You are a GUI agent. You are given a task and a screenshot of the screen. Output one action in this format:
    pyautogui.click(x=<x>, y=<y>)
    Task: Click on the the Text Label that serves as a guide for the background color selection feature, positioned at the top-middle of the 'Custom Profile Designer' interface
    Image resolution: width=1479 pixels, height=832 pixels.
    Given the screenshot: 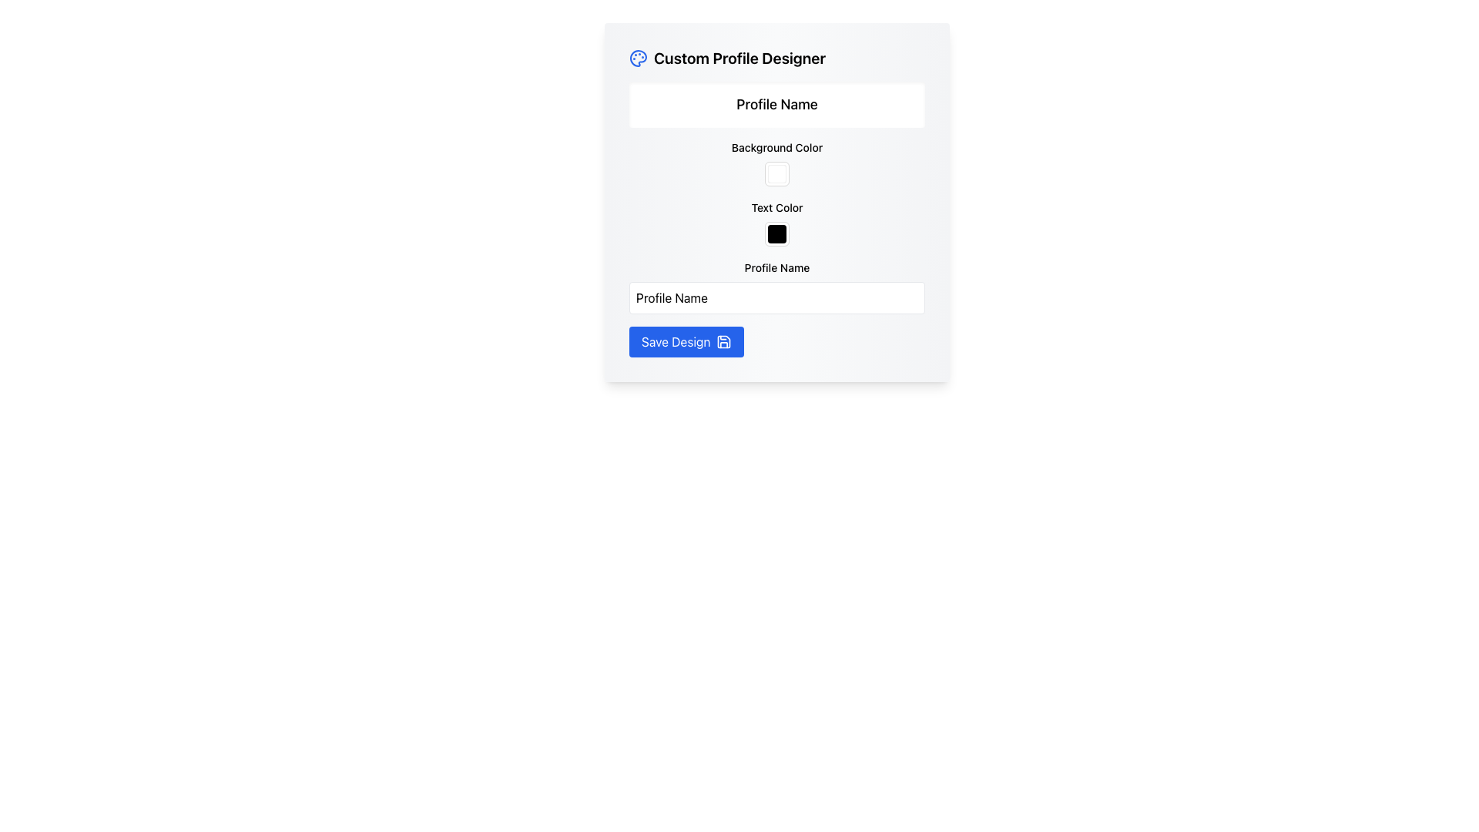 What is the action you would take?
    pyautogui.click(x=776, y=148)
    